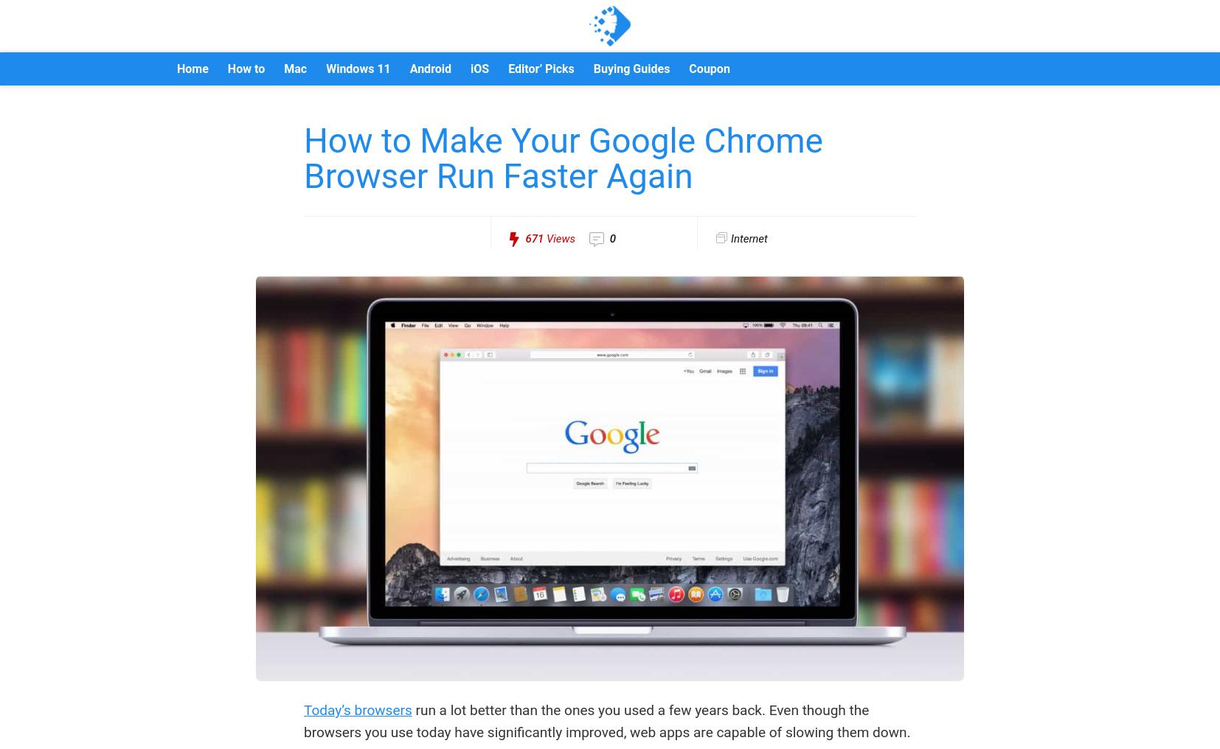 The image size is (1220, 749). I want to click on 'Today’s browsers', so click(357, 710).